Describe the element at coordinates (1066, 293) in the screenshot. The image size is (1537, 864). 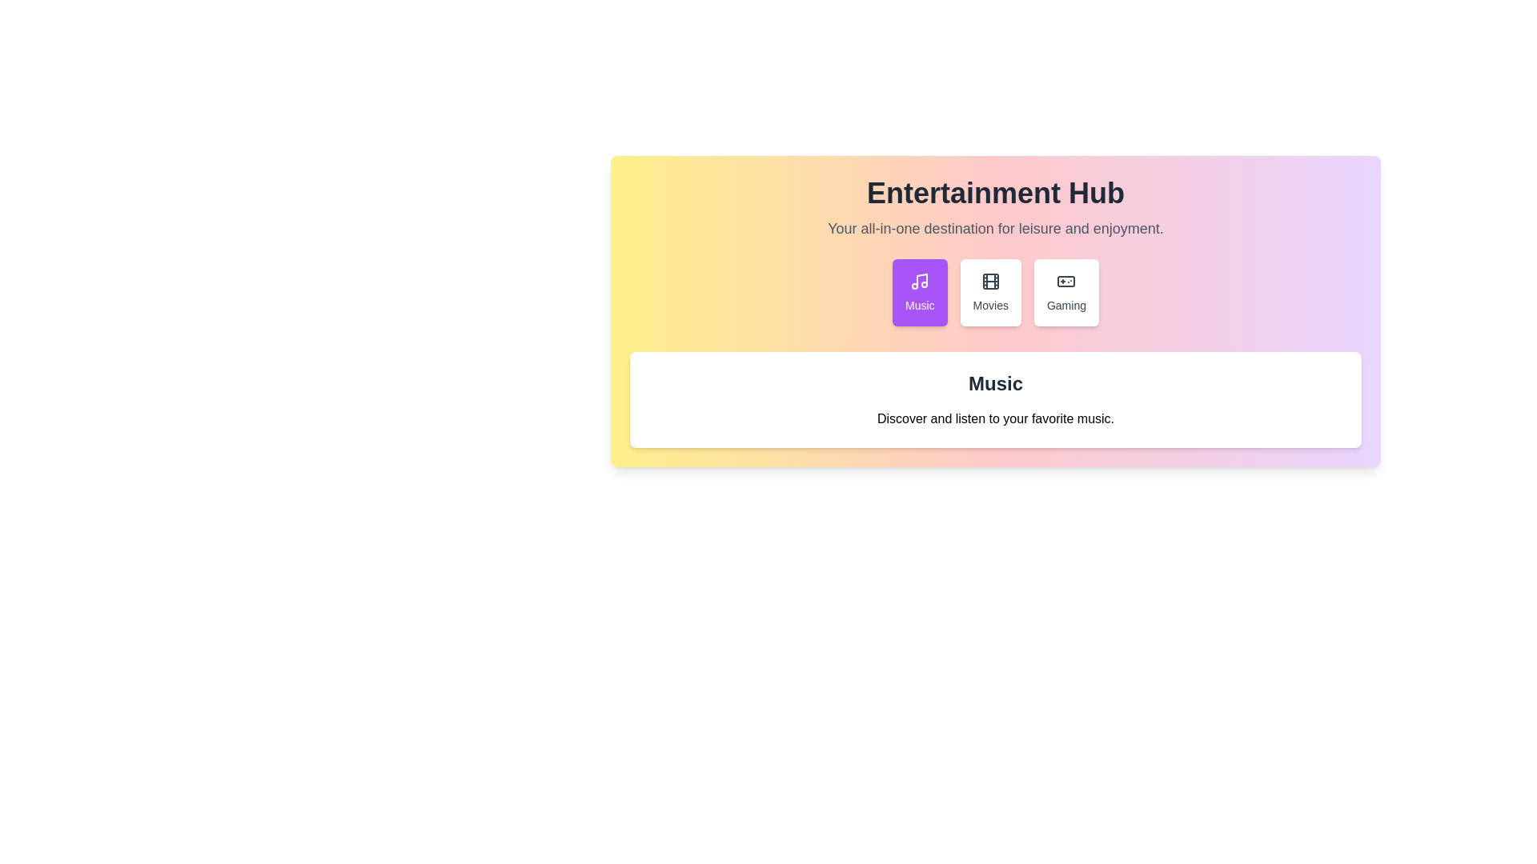
I see `the 'Gaming' category button, which is the third button in the horizontal group under 'Entertainment Hub'` at that location.